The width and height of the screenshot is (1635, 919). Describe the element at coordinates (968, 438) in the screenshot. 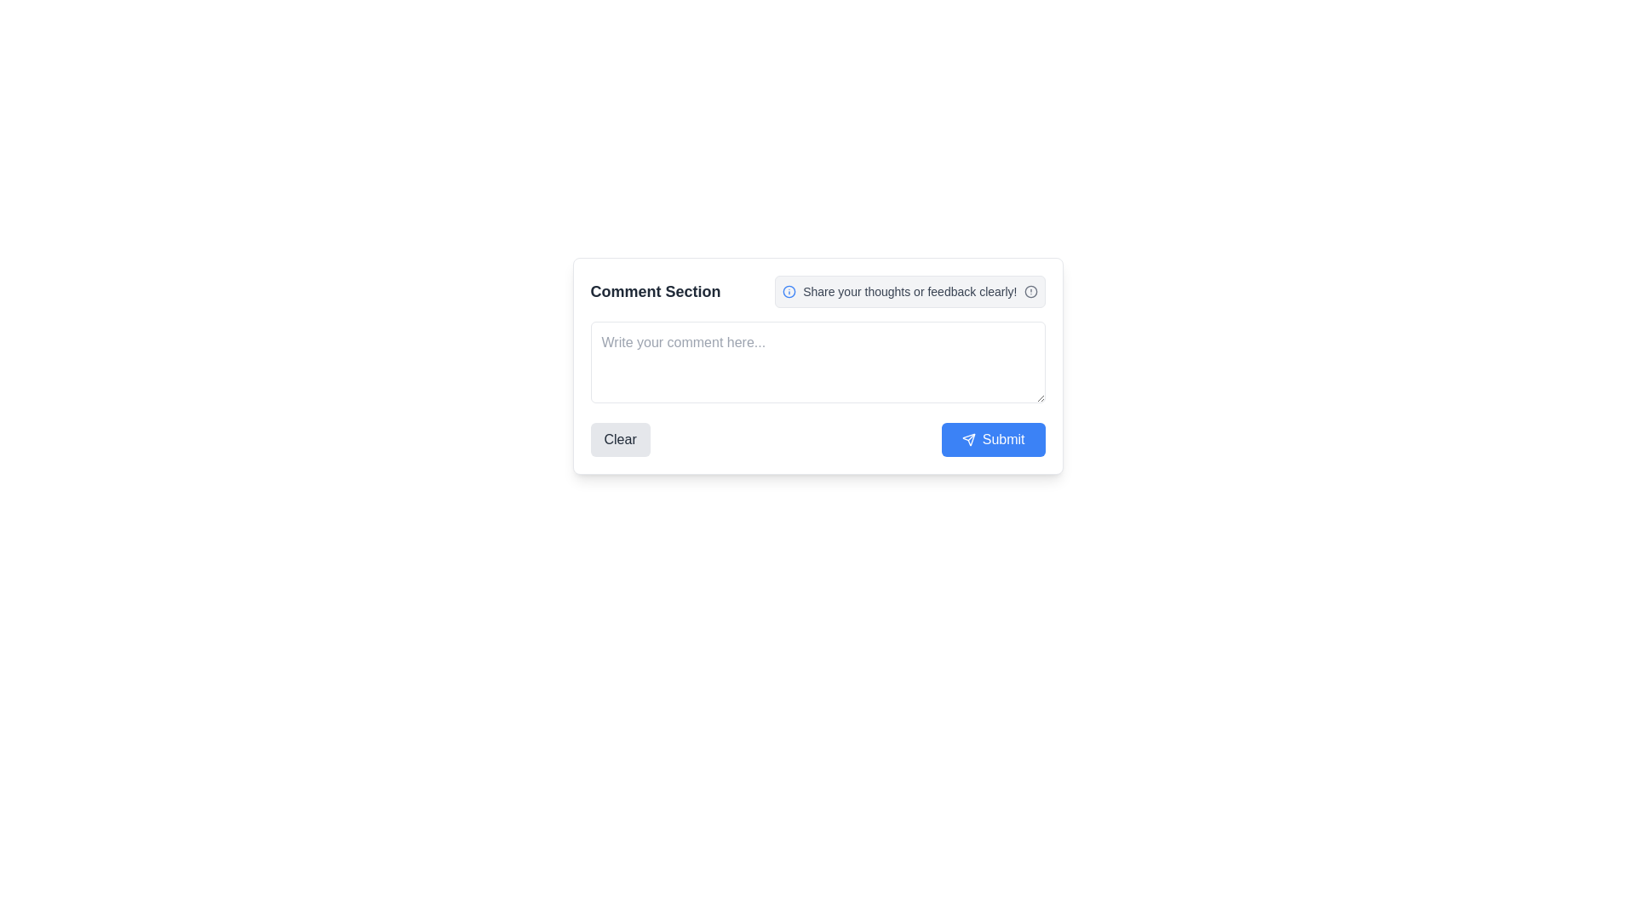

I see `the 'send' icon located within the 'Submit' button at the bottom-right of the 'Comment Section' card, positioned to the left of the 'Submit' text` at that location.